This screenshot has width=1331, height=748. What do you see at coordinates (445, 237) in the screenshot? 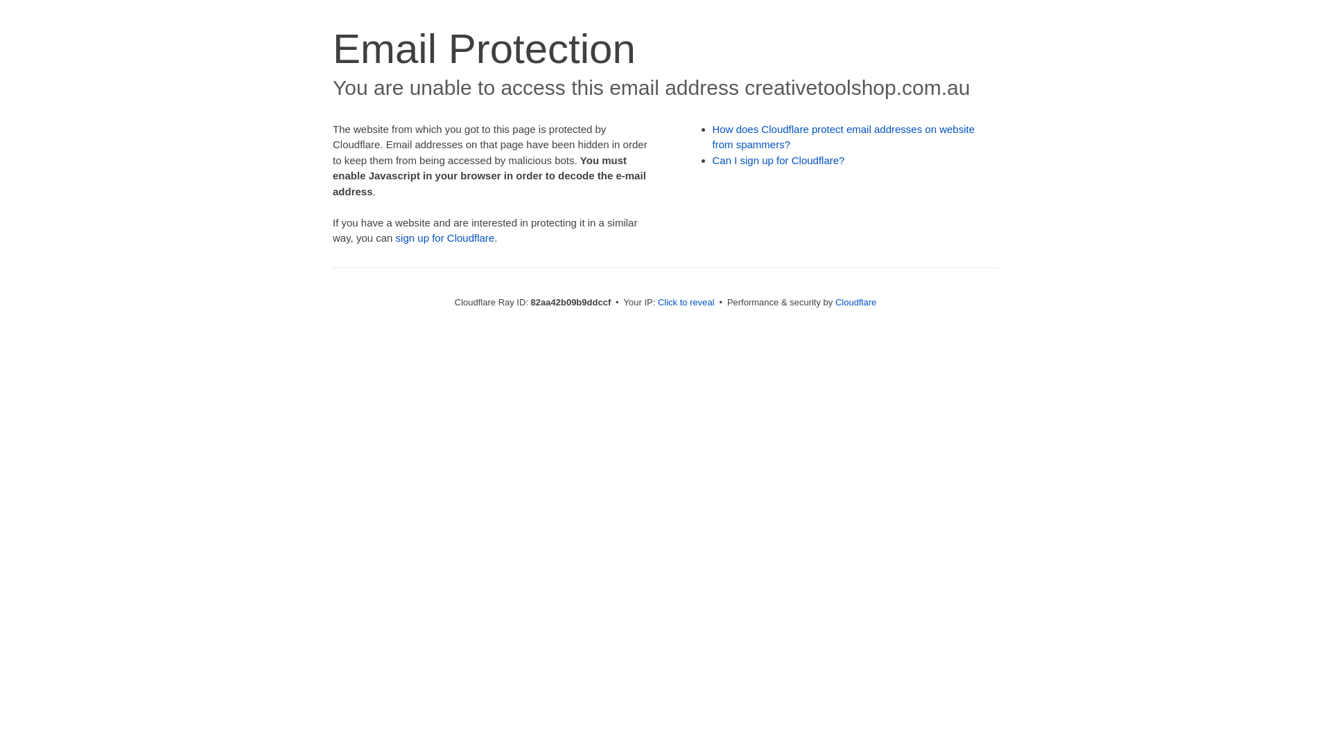
I see `'sign up for Cloudflare'` at bounding box center [445, 237].